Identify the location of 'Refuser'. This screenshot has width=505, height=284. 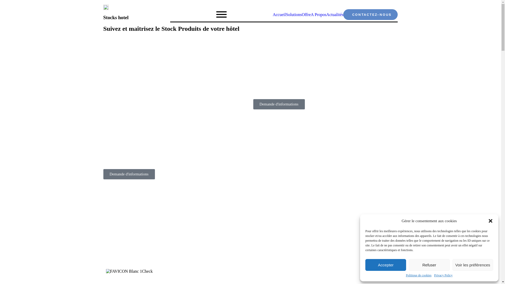
(408, 265).